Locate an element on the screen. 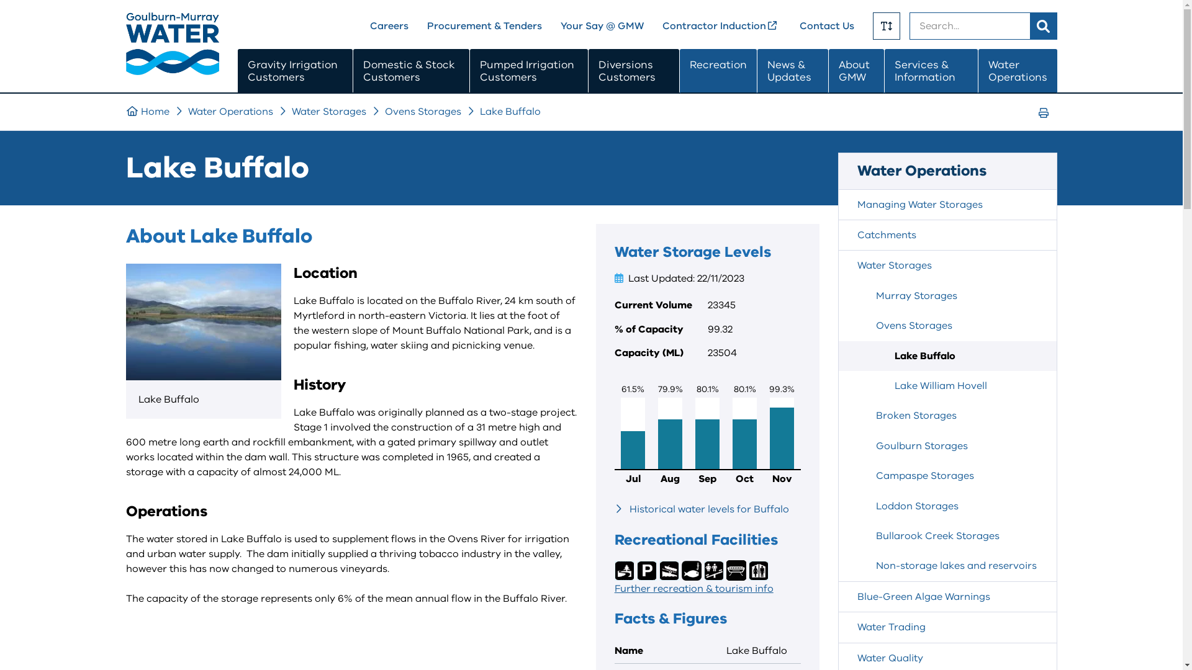 The height and width of the screenshot is (670, 1192). 'Bullarook Creek Storages' is located at coordinates (947, 535).